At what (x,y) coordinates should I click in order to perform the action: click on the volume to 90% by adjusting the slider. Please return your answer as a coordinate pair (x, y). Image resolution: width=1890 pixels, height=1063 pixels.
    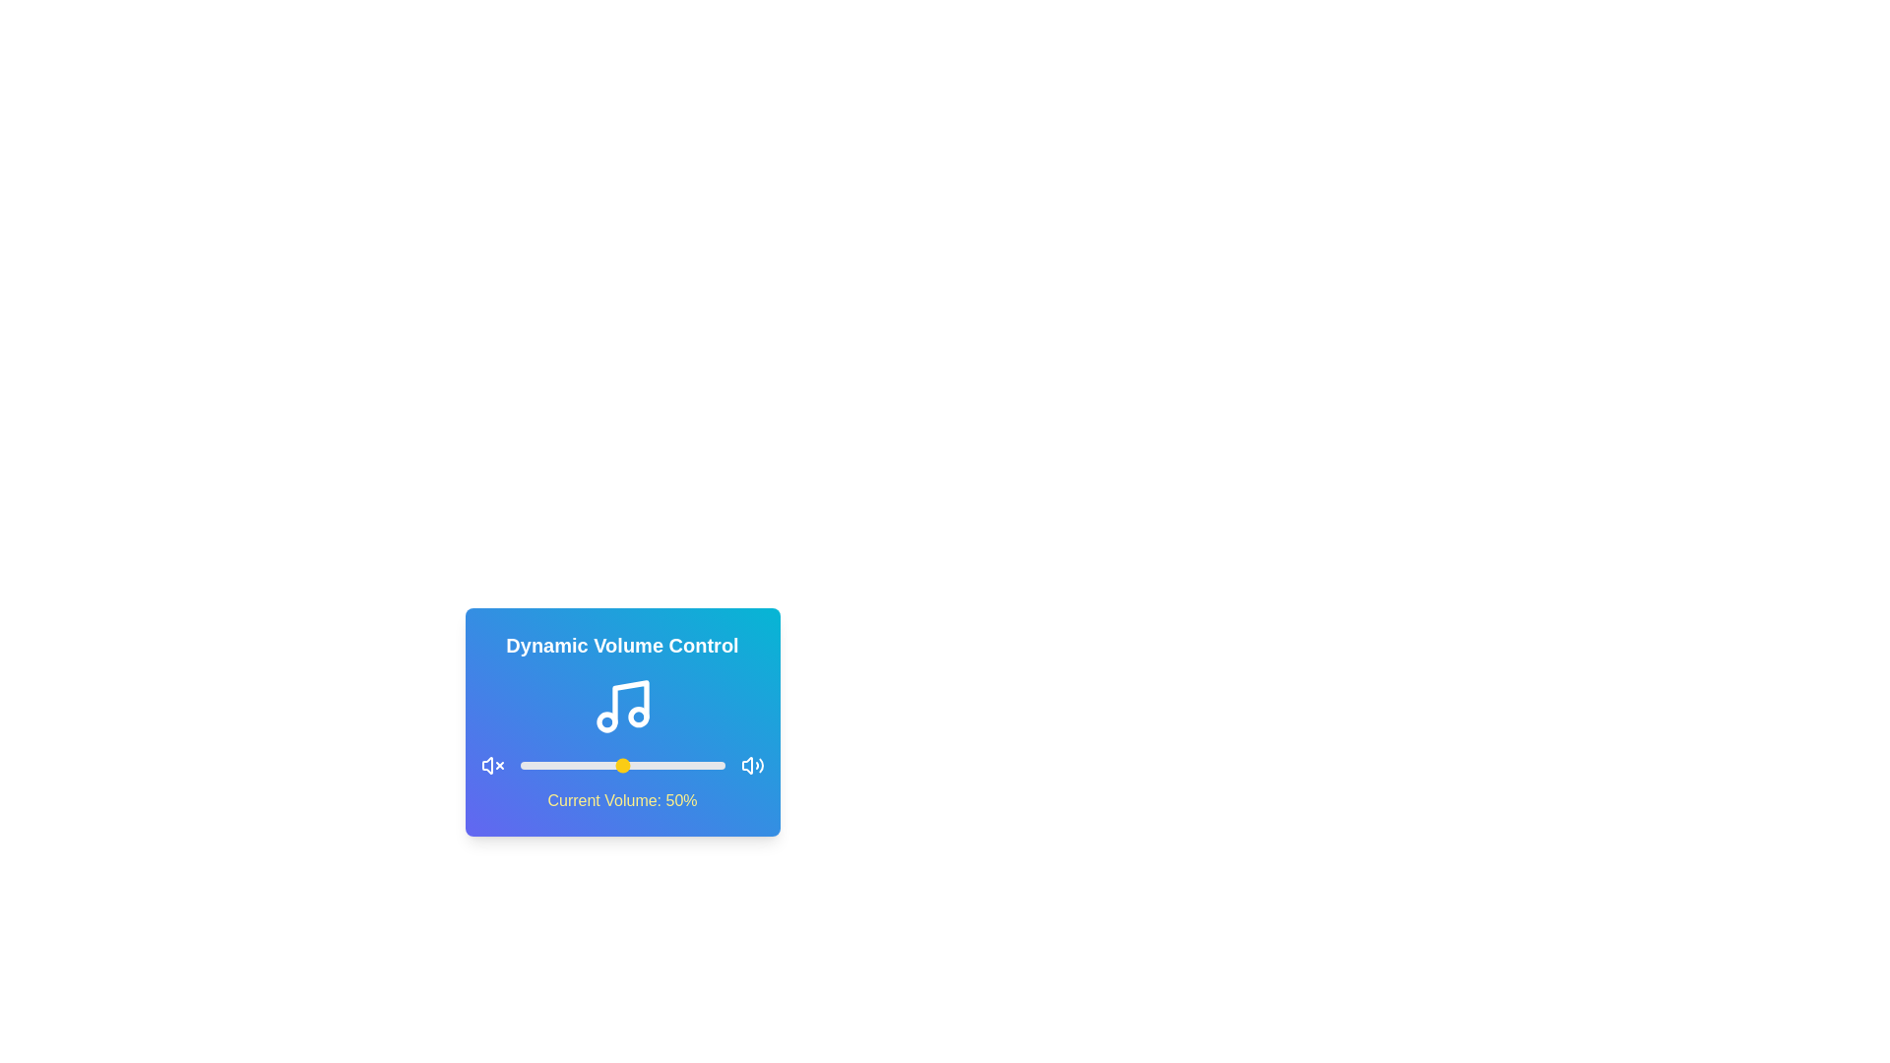
    Looking at the image, I should click on (704, 765).